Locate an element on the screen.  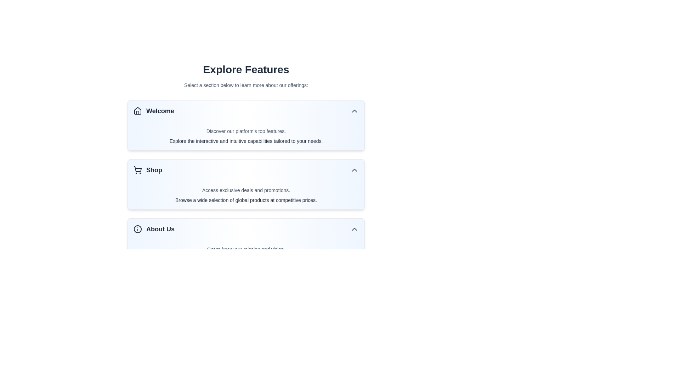
the upward-pointing gray chevron icon located in the upper-right corner of the 'About Us' section is located at coordinates (355, 229).